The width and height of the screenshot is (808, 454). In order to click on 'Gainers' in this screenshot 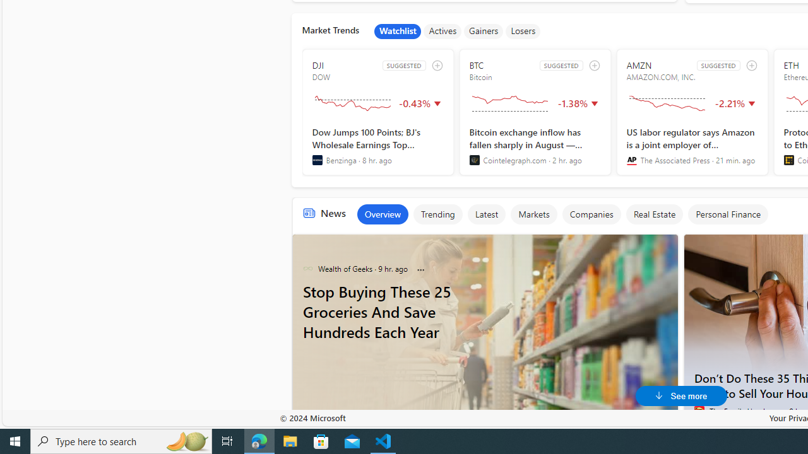, I will do `click(483, 31)`.